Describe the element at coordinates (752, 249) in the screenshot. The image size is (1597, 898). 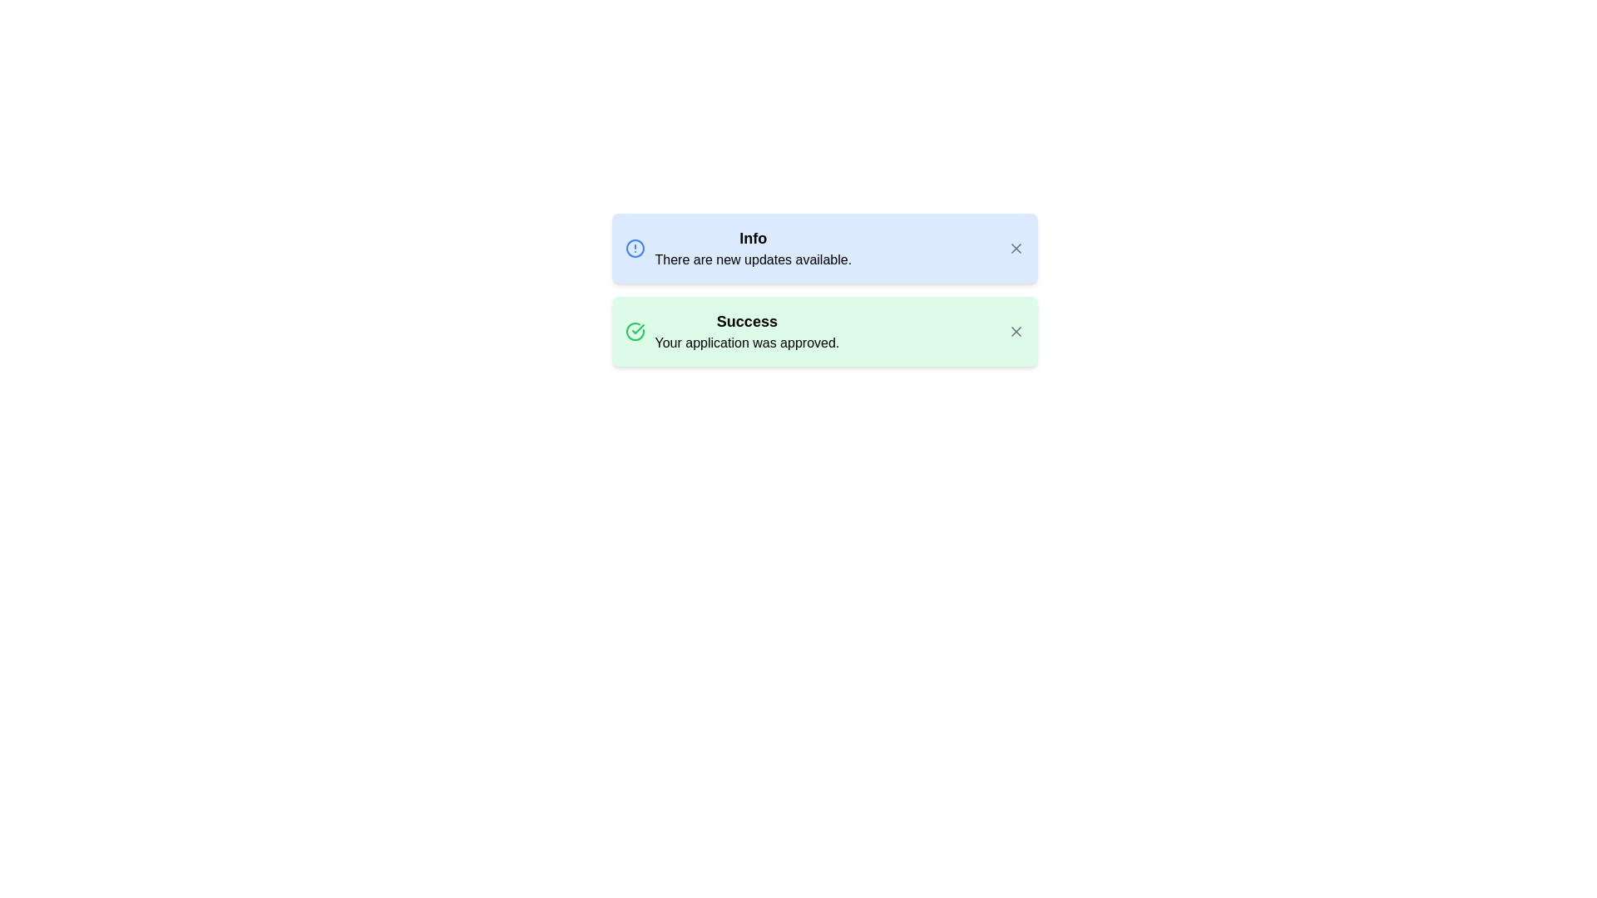
I see `notification content from the label located within the light blue notification block, positioned beside a blue icon and a close button on the right` at that location.